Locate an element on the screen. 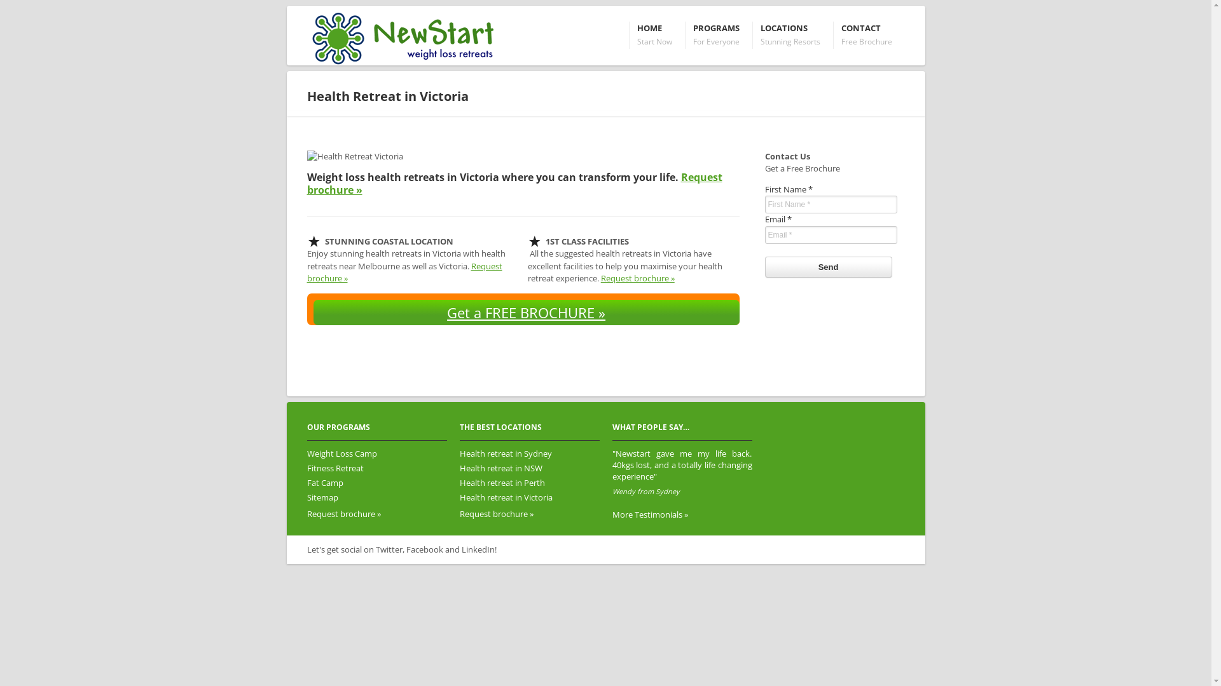 Image resolution: width=1221 pixels, height=686 pixels. 'Fat Camp' is located at coordinates (324, 482).